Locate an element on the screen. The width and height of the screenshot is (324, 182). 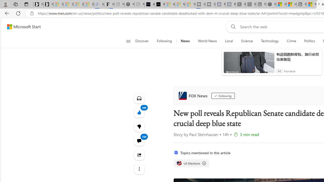
'Nordace - My Account' is located at coordinates (271, 4).